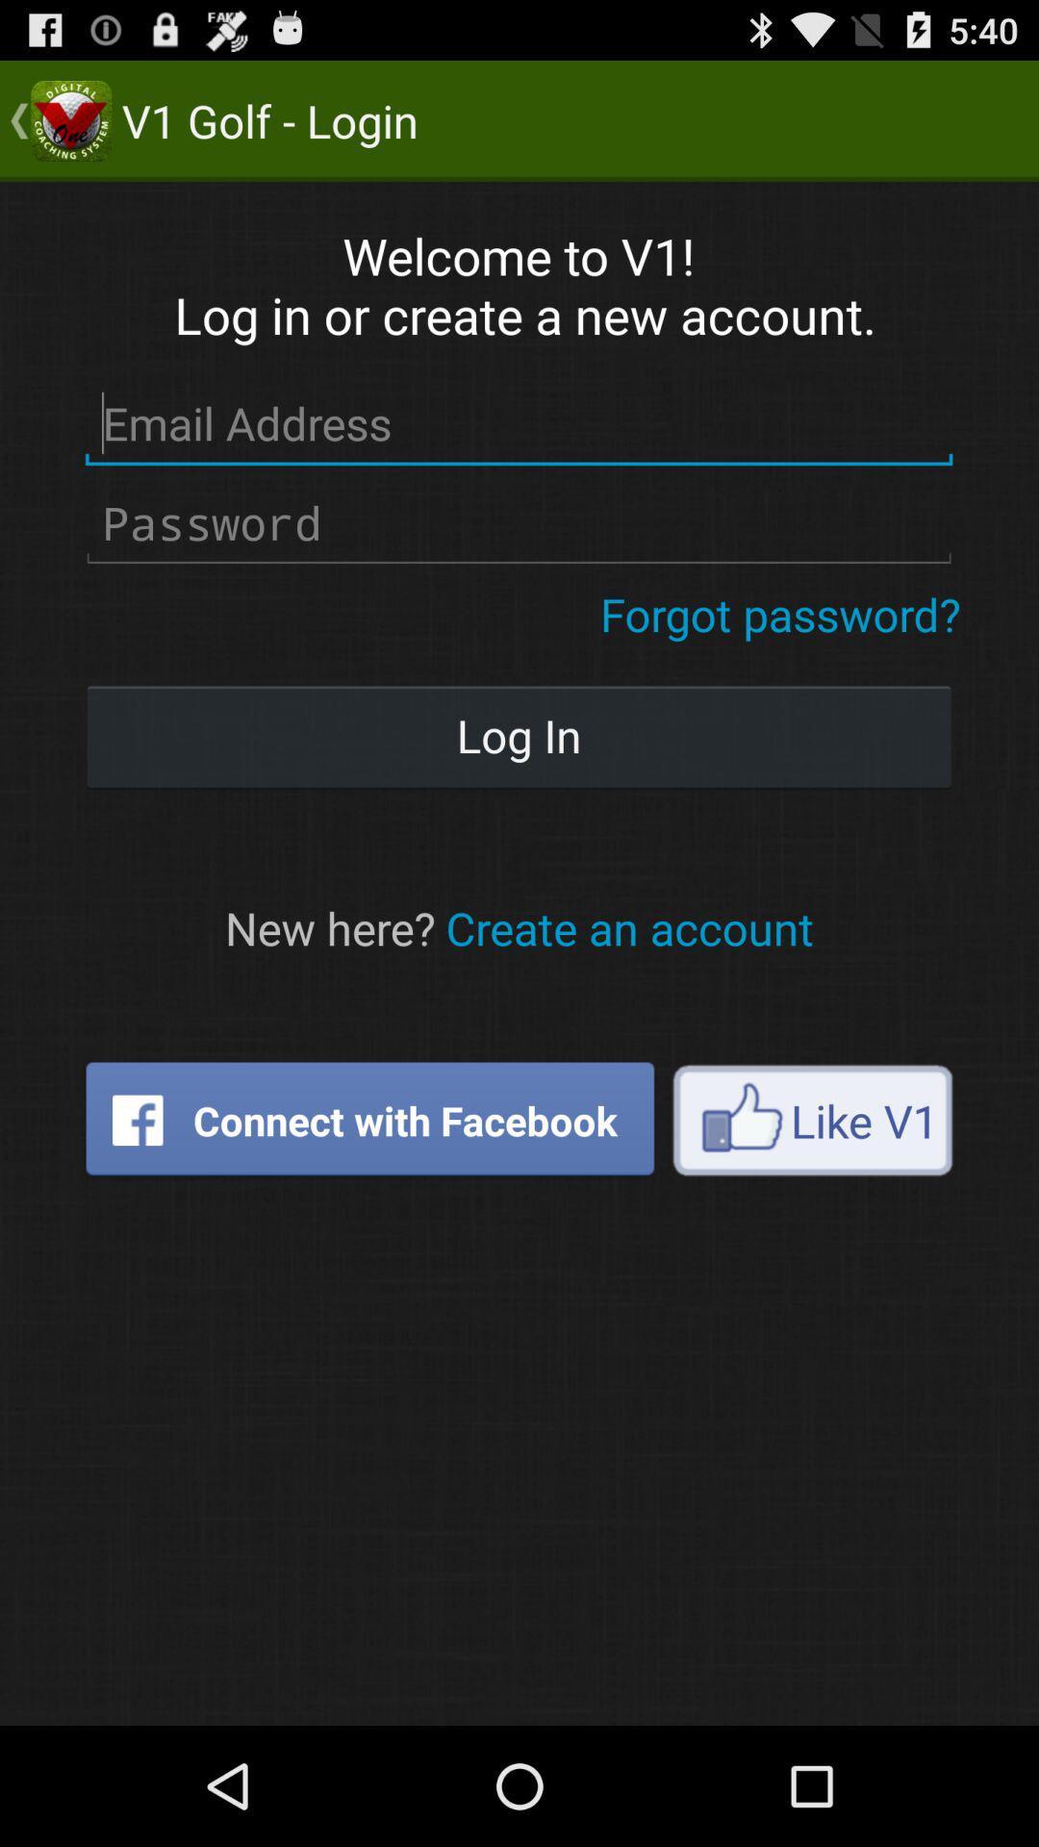 The image size is (1039, 1847). What do you see at coordinates (780, 613) in the screenshot?
I see `forgot password?` at bounding box center [780, 613].